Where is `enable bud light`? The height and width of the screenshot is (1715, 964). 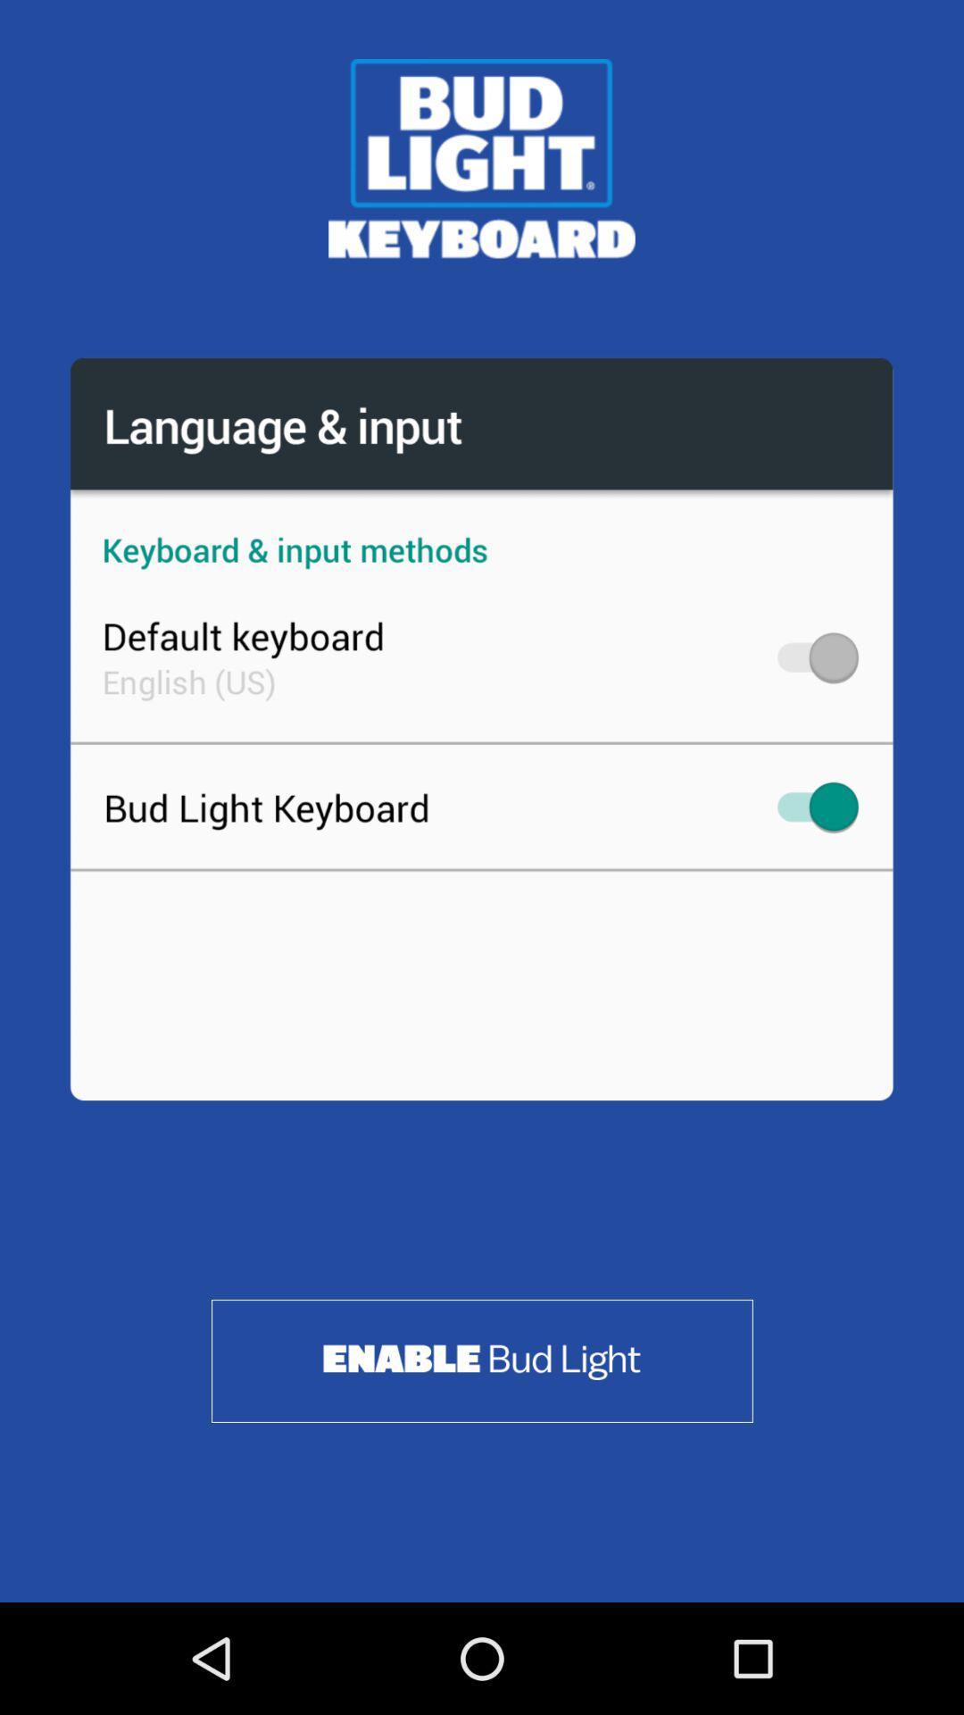
enable bud light is located at coordinates (482, 1359).